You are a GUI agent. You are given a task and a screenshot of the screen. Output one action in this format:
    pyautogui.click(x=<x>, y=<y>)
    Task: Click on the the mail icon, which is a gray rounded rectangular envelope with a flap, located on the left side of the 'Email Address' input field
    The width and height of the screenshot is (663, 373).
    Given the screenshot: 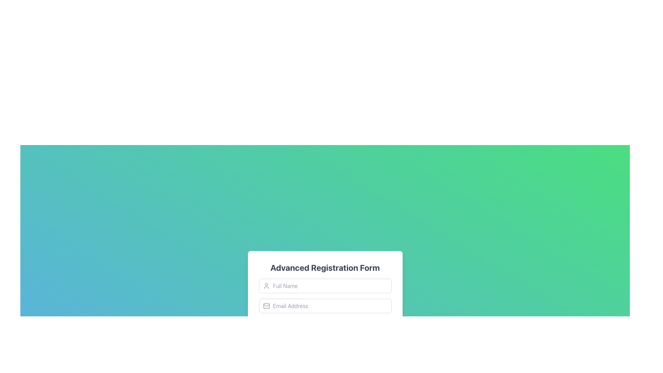 What is the action you would take?
    pyautogui.click(x=266, y=306)
    